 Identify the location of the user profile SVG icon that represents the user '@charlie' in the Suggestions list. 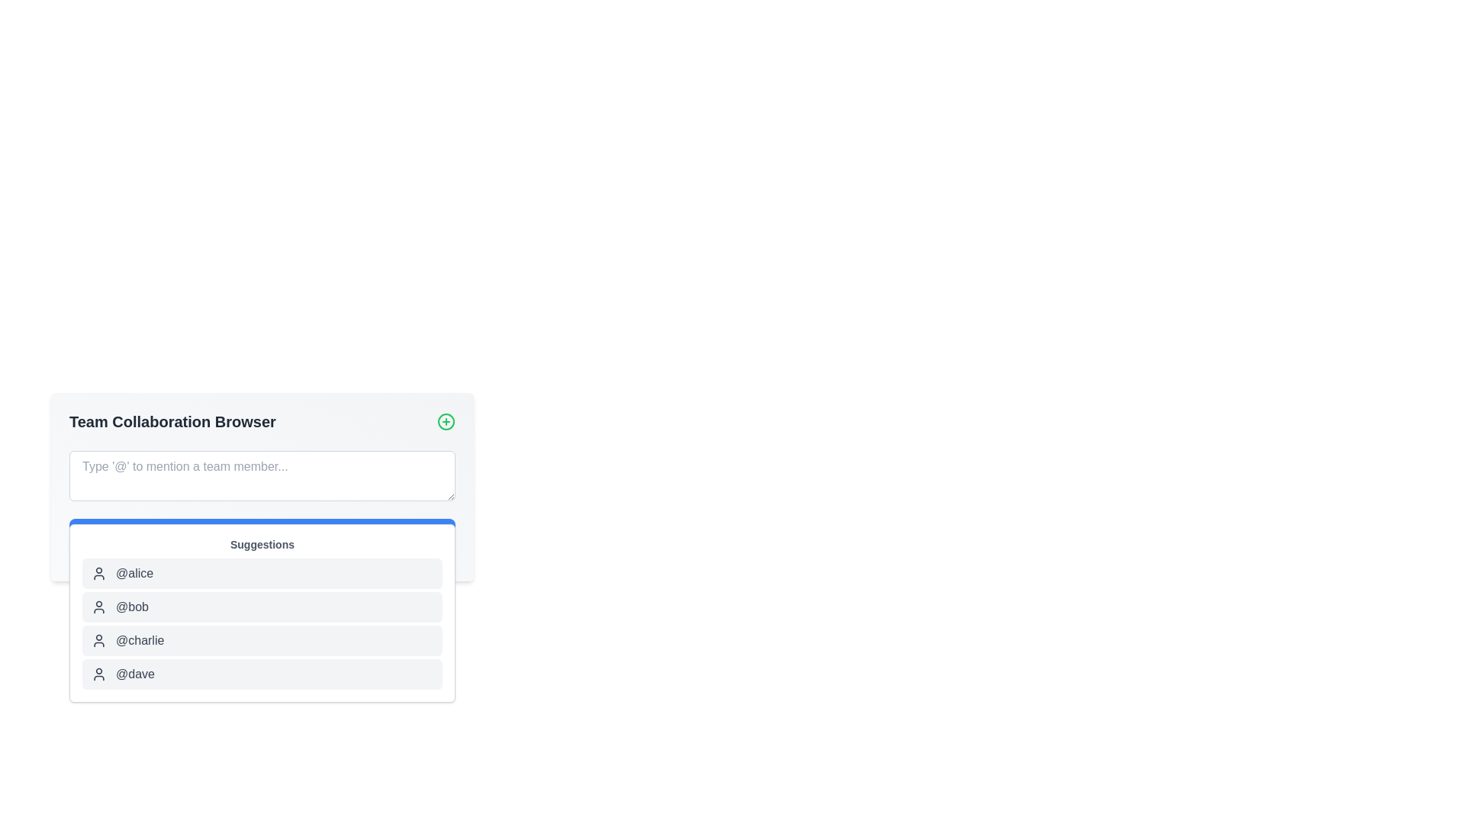
(98, 641).